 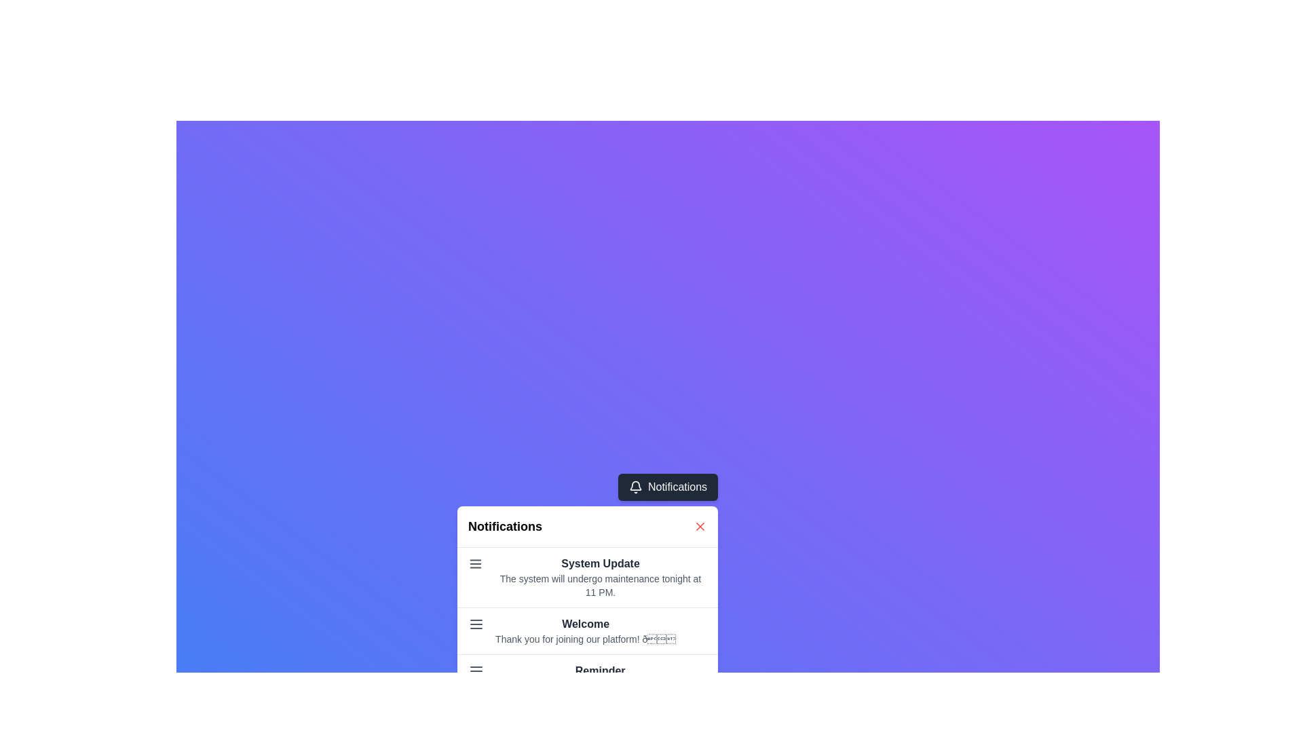 What do you see at coordinates (599, 585) in the screenshot?
I see `the text label that communicates the scheduled maintenance time for the system, located below the 'System Update' title in the notification card` at bounding box center [599, 585].